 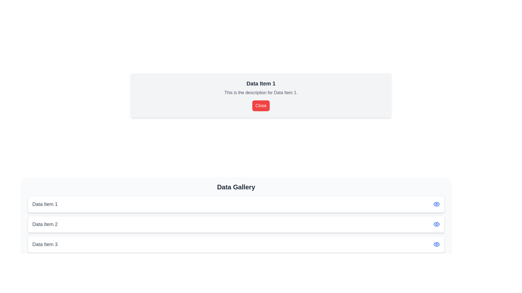 I want to click on the second item, so click(x=236, y=224).